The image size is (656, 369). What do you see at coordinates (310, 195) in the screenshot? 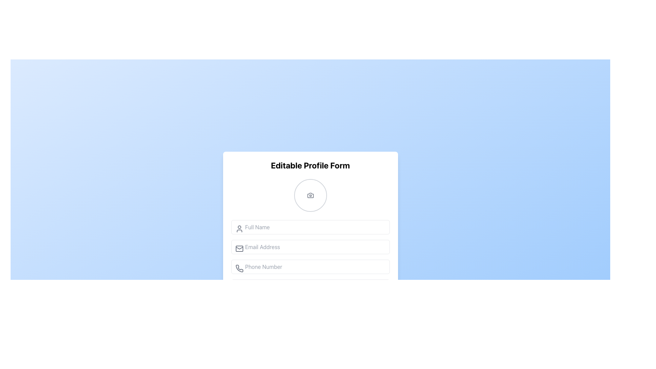
I see `the circular button with a camera icon located below the 'Editable Profile Form' title to upload an image` at bounding box center [310, 195].